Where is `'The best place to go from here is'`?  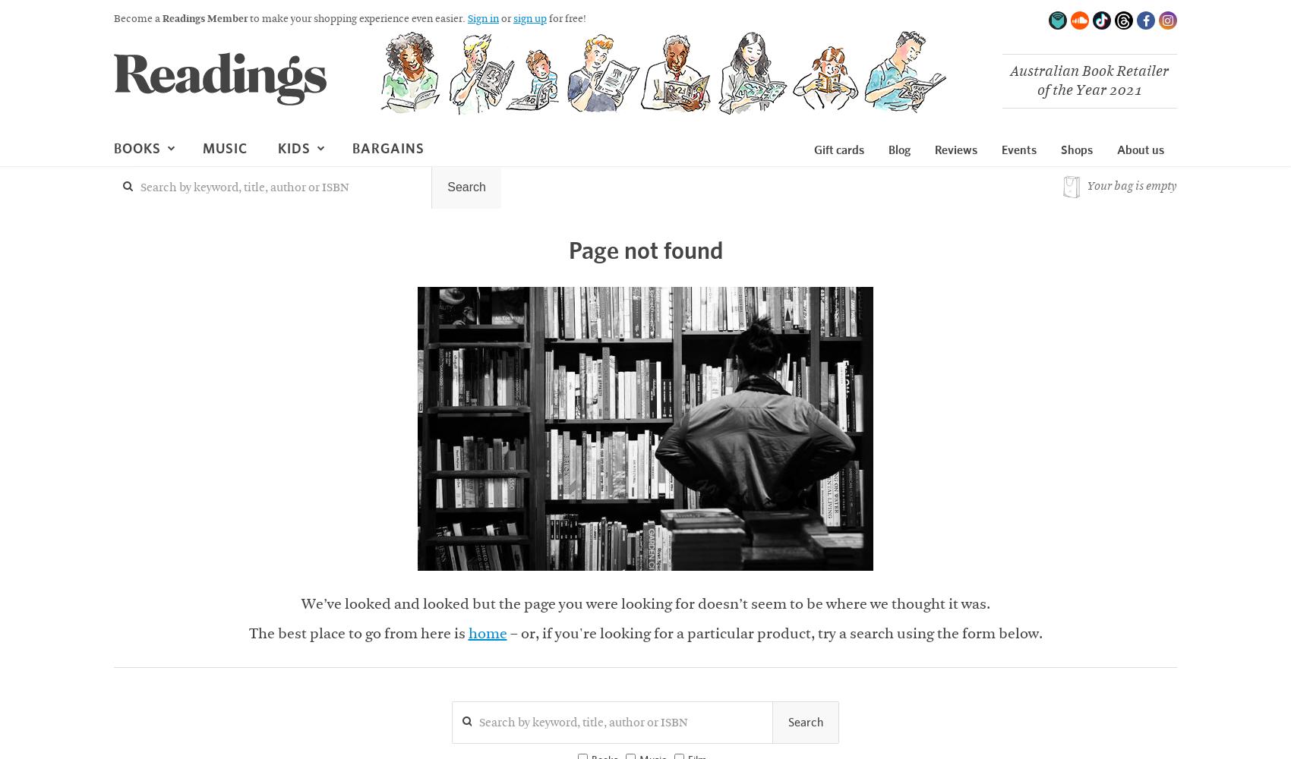
'The best place to go from here is' is located at coordinates (248, 632).